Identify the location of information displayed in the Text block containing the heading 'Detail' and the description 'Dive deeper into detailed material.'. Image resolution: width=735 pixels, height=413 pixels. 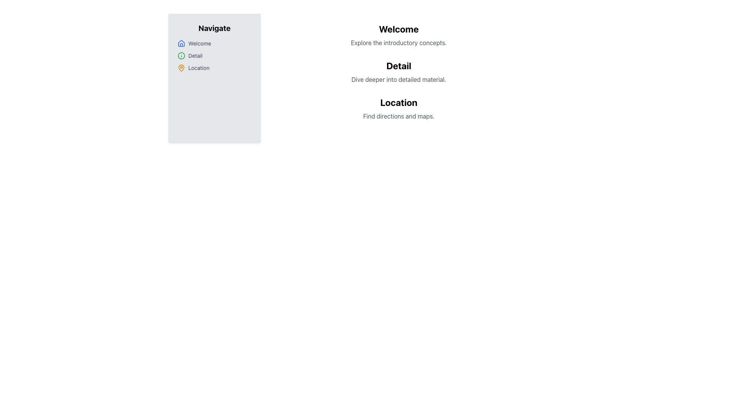
(398, 72).